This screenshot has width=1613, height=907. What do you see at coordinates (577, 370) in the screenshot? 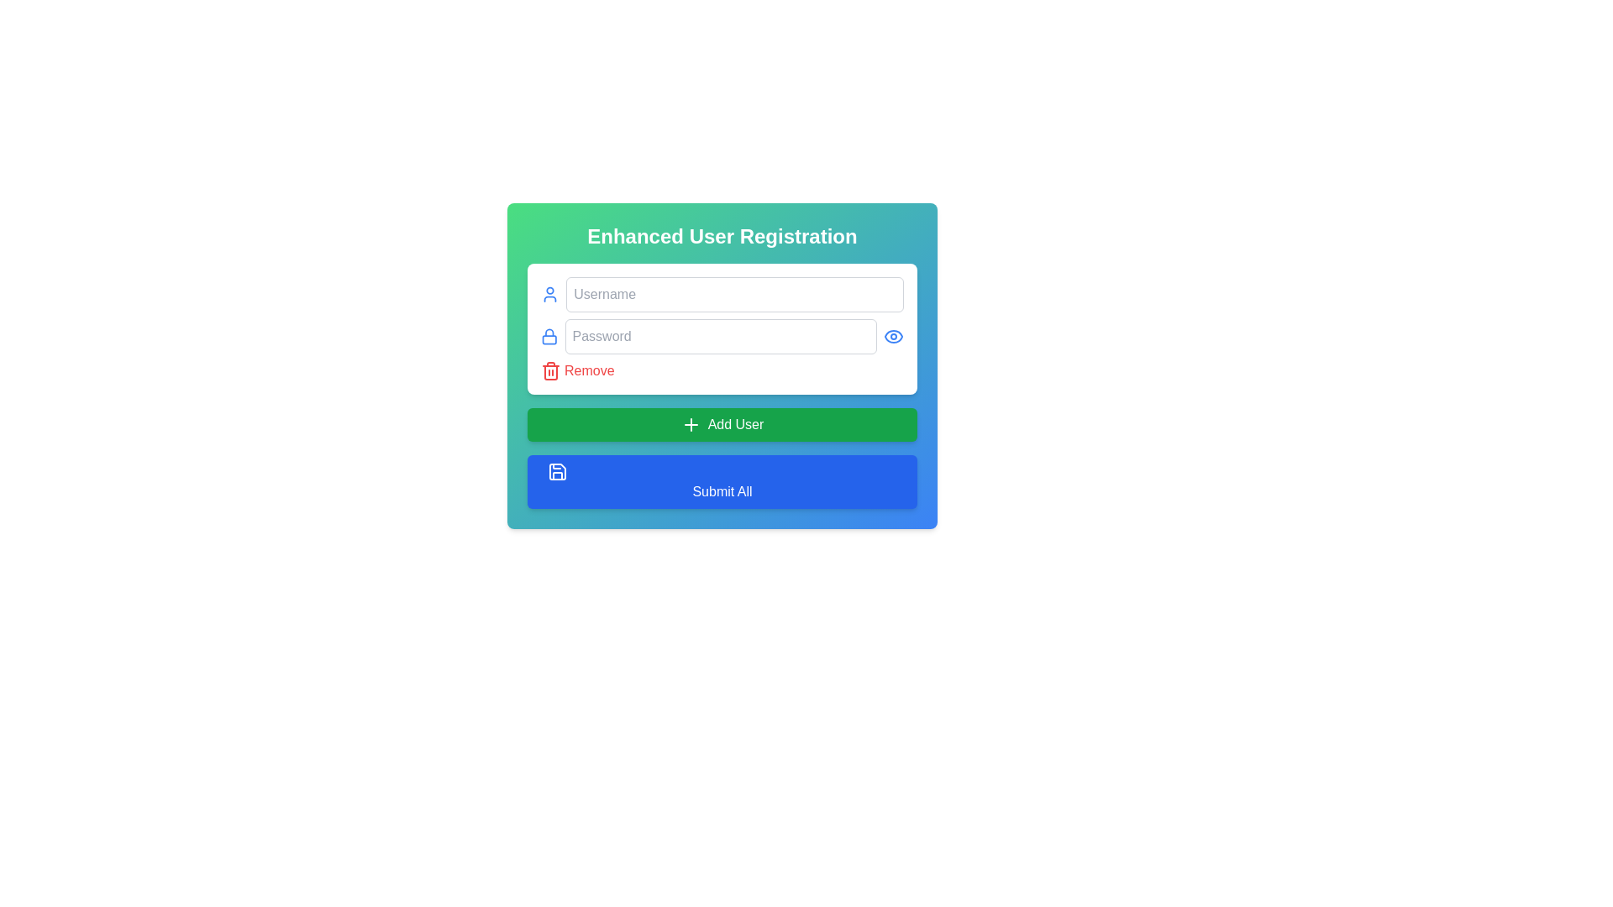
I see `the 'Remove' button with a trash bin icon located below the password input field to change its color` at bounding box center [577, 370].